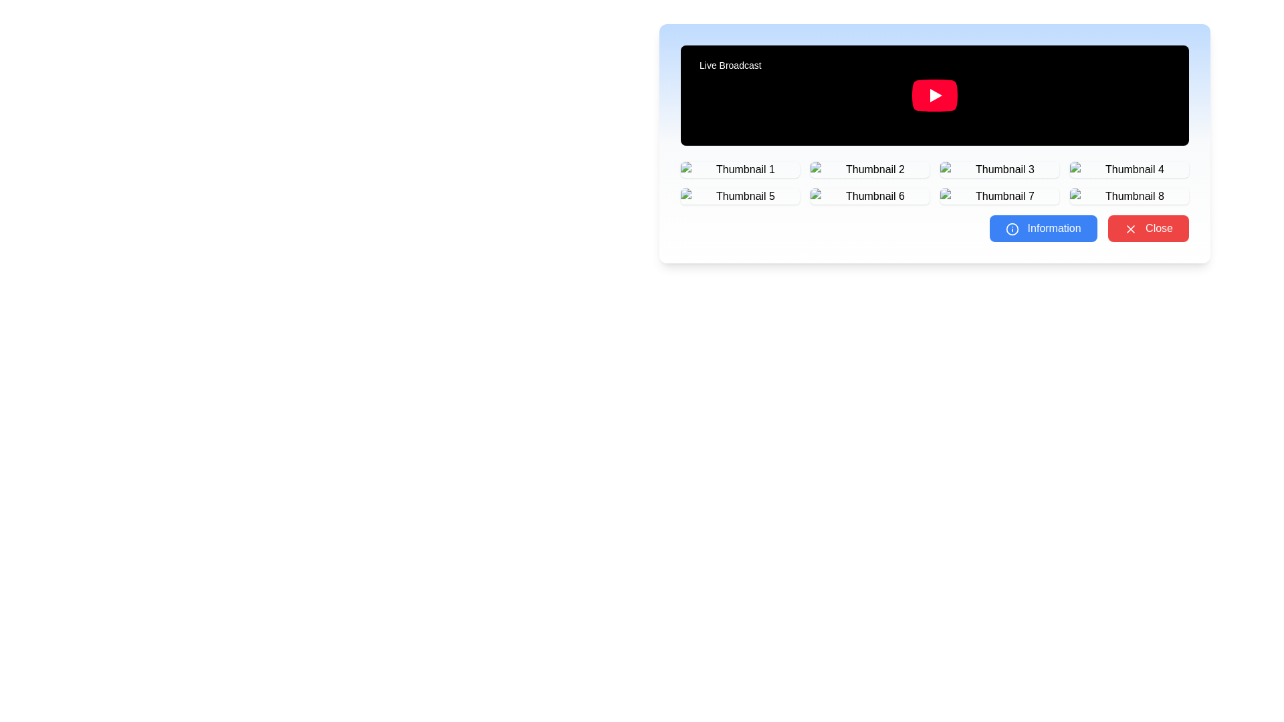 This screenshot has width=1284, height=722. What do you see at coordinates (869, 196) in the screenshot?
I see `the SVG Circle that serves as the background for the play button icon adjacent to 'Thumbnail 6'` at bounding box center [869, 196].